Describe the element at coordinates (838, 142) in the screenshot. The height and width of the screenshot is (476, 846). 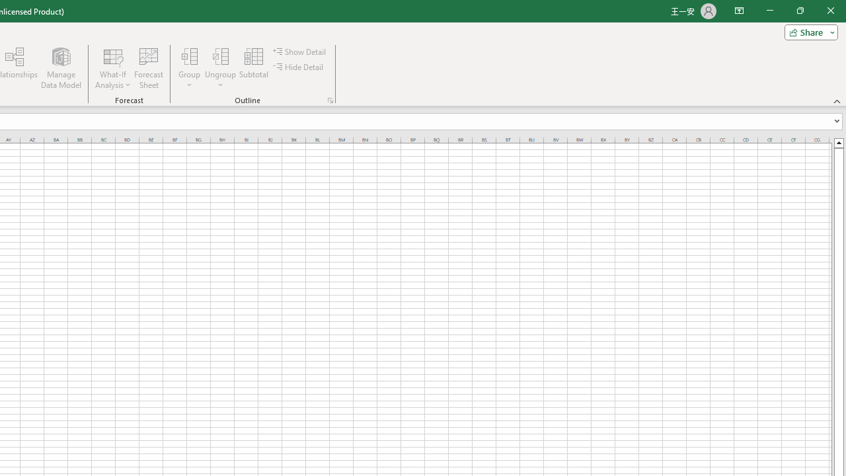
I see `'Line up'` at that location.